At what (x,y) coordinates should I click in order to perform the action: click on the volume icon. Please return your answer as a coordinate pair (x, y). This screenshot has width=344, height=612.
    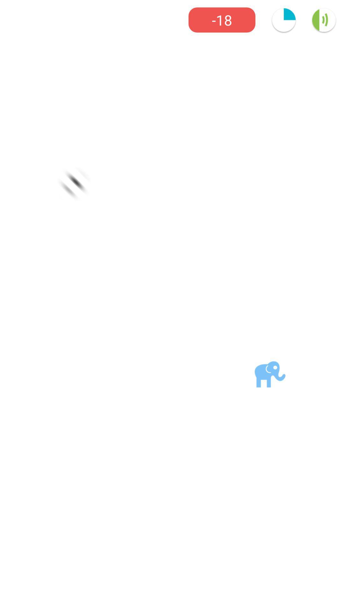
    Looking at the image, I should click on (324, 20).